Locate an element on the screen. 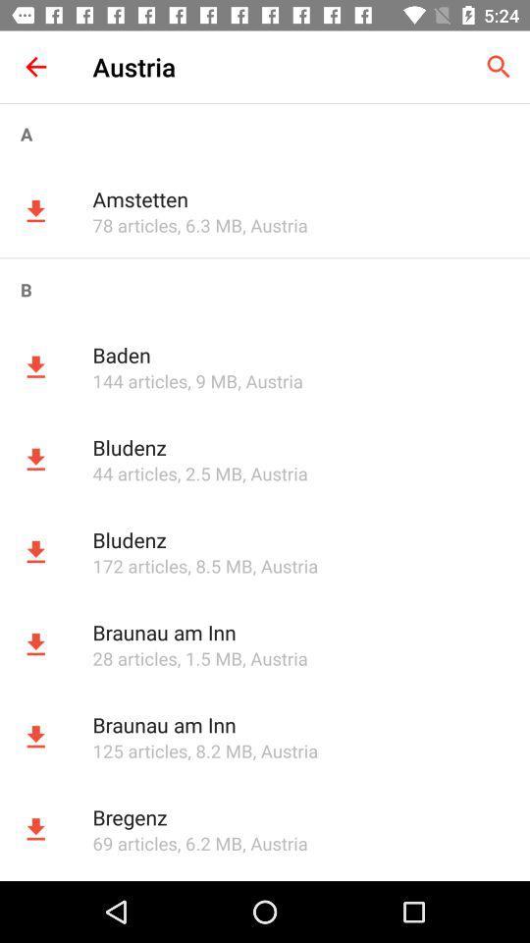 Image resolution: width=530 pixels, height=943 pixels. item to the left of , 6.2 mb app is located at coordinates (133, 842).